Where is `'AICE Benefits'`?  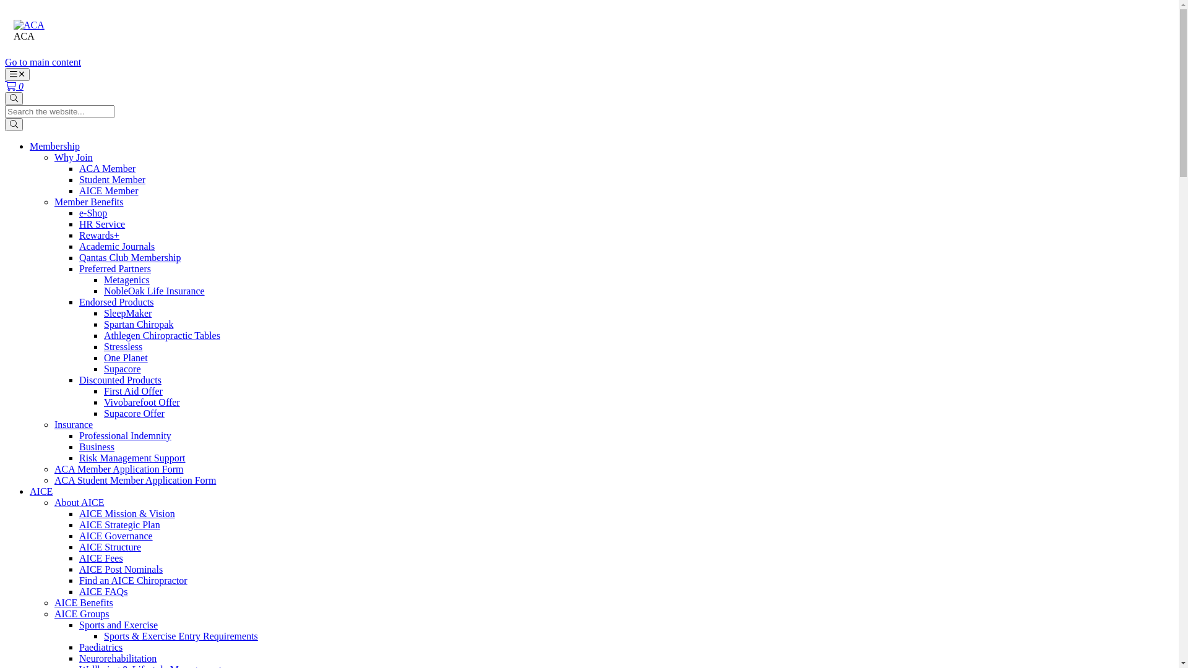
'AICE Benefits' is located at coordinates (83, 602).